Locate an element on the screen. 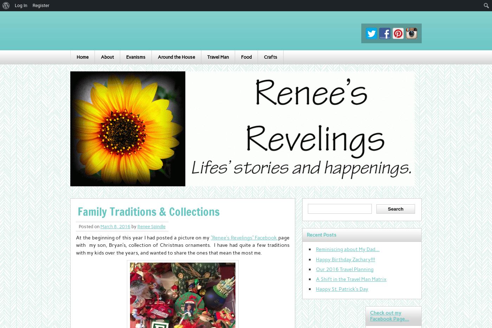 The image size is (492, 328). 'March 8, 2016' is located at coordinates (115, 226).